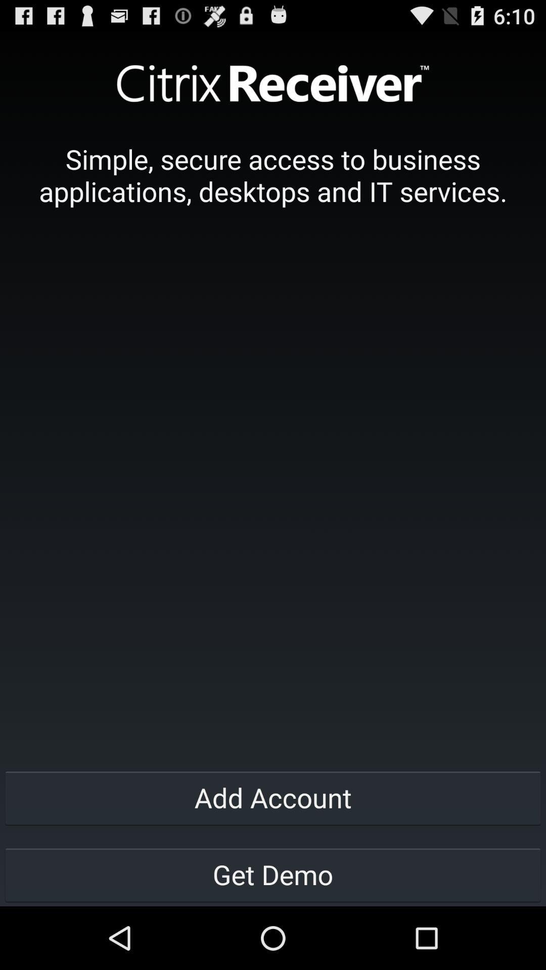  Describe the element at coordinates (273, 797) in the screenshot. I see `the add account item` at that location.